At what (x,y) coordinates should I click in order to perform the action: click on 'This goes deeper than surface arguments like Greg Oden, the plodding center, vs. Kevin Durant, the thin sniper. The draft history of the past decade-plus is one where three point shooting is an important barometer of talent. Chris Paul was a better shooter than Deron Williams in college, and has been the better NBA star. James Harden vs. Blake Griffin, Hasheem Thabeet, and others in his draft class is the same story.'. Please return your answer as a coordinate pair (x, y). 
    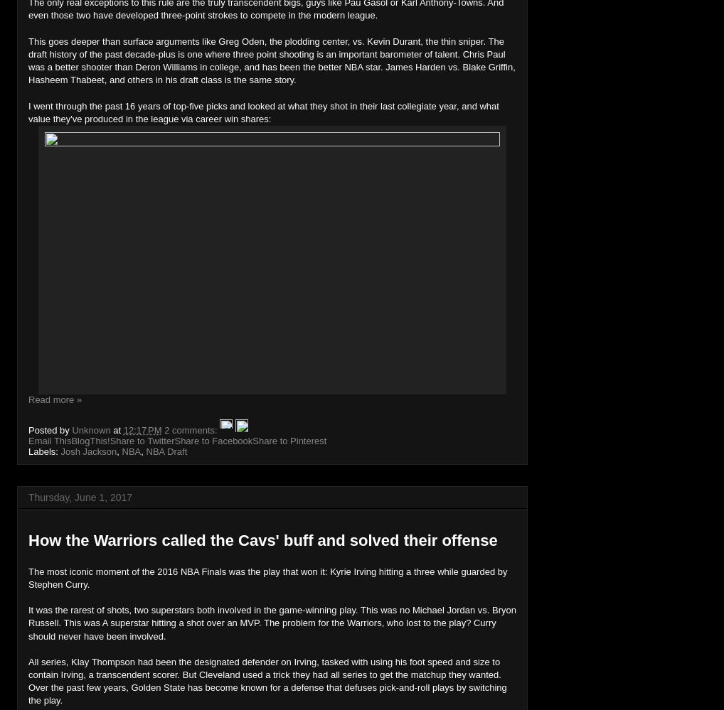
    Looking at the image, I should click on (271, 60).